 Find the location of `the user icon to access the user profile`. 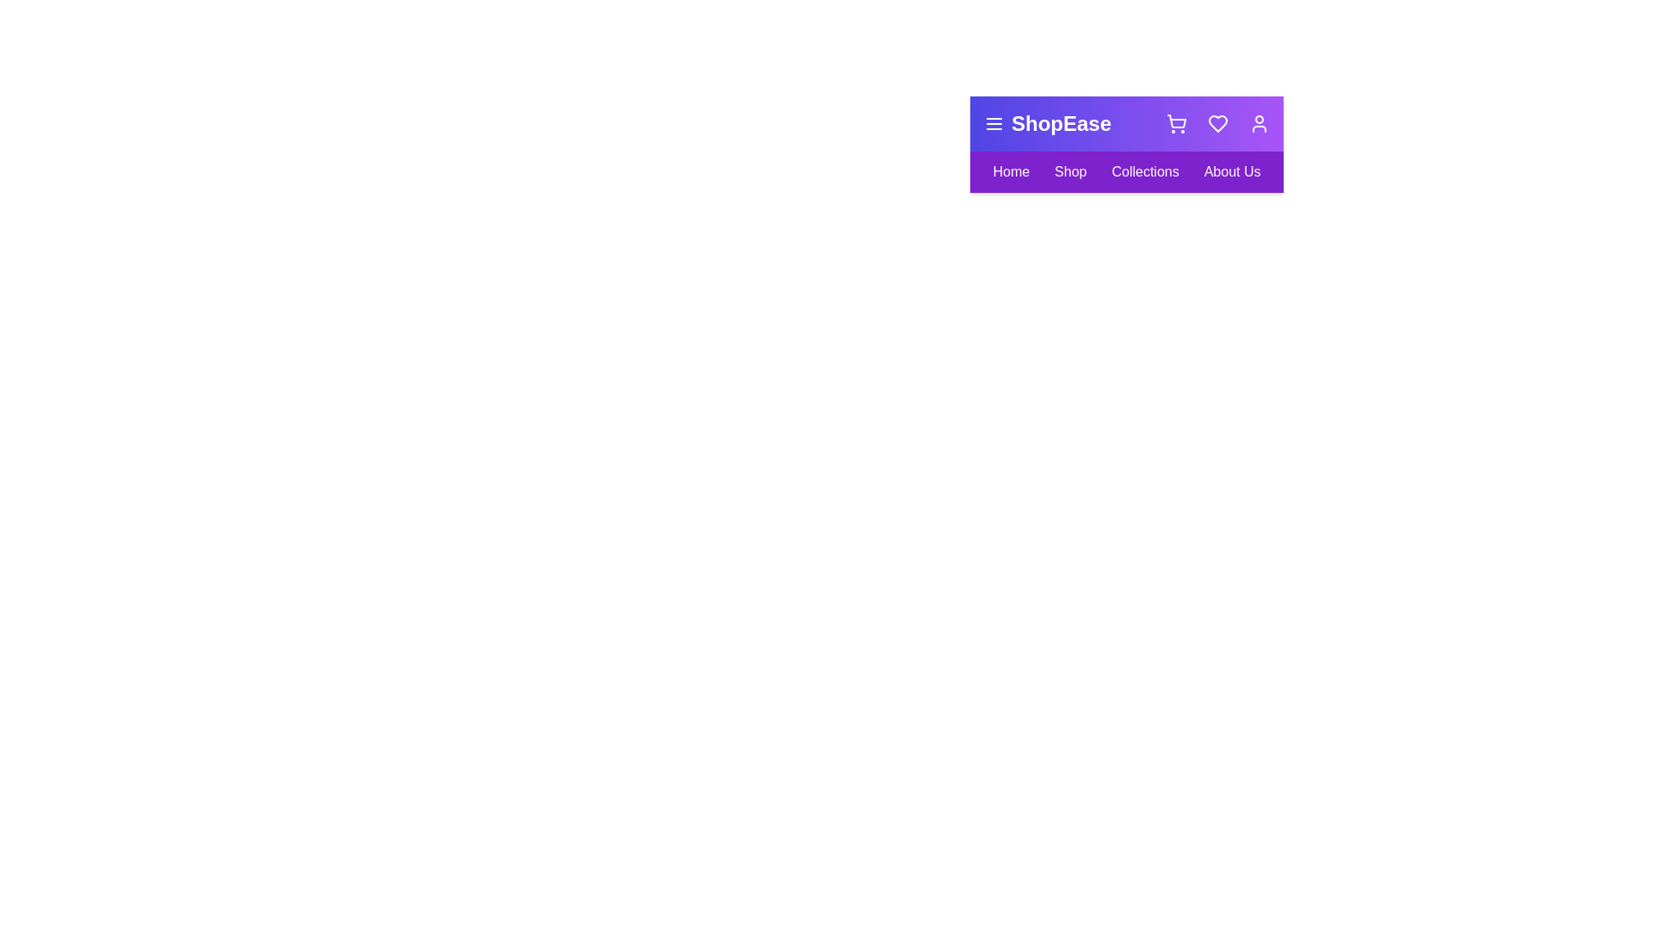

the user icon to access the user profile is located at coordinates (1260, 122).